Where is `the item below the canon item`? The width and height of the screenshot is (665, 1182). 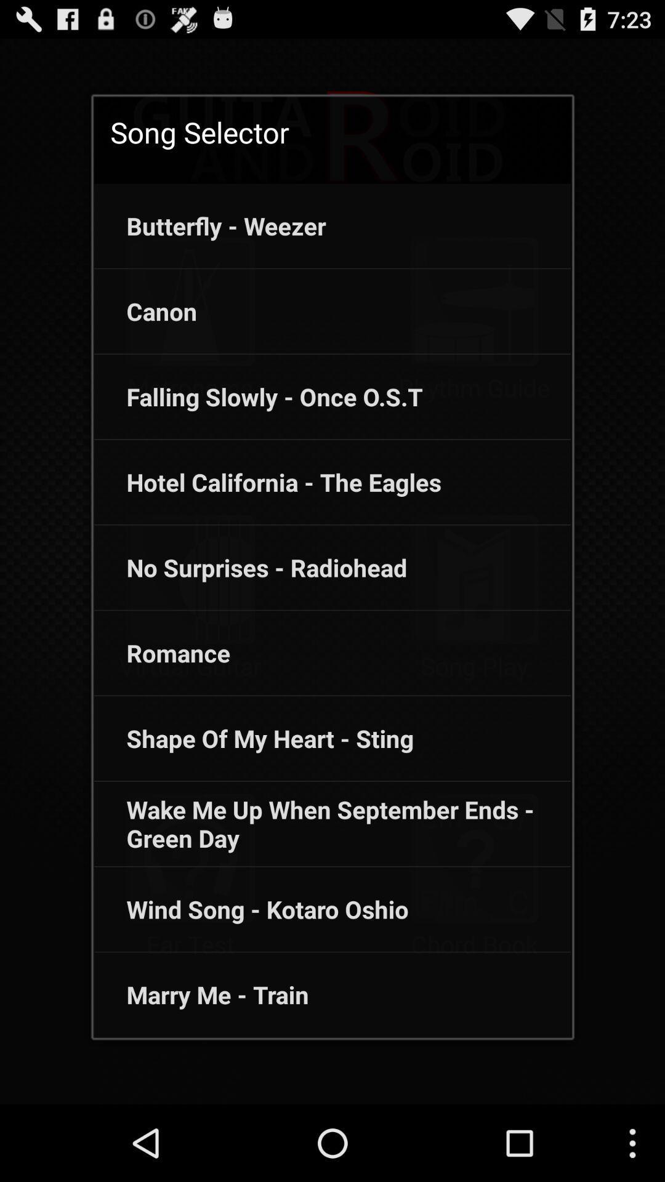 the item below the canon item is located at coordinates (258, 396).